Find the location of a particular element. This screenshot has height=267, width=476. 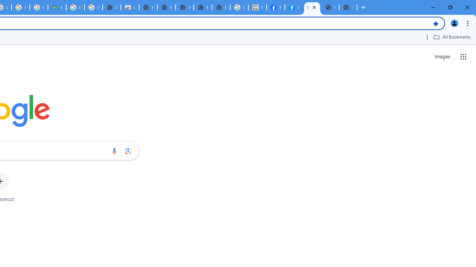

'Sign Up for Facebook' is located at coordinates (293, 7).